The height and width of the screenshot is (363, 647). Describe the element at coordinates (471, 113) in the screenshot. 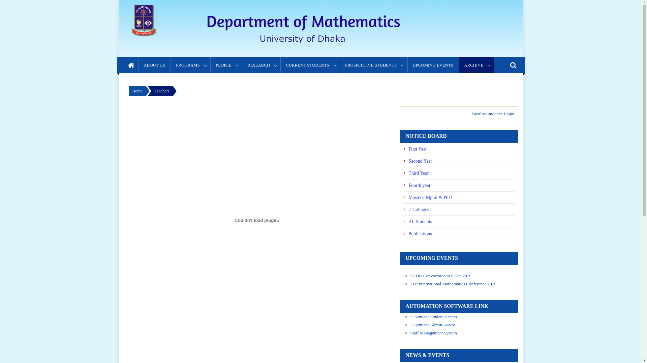

I see `'Faculty/Student's Login'` at that location.